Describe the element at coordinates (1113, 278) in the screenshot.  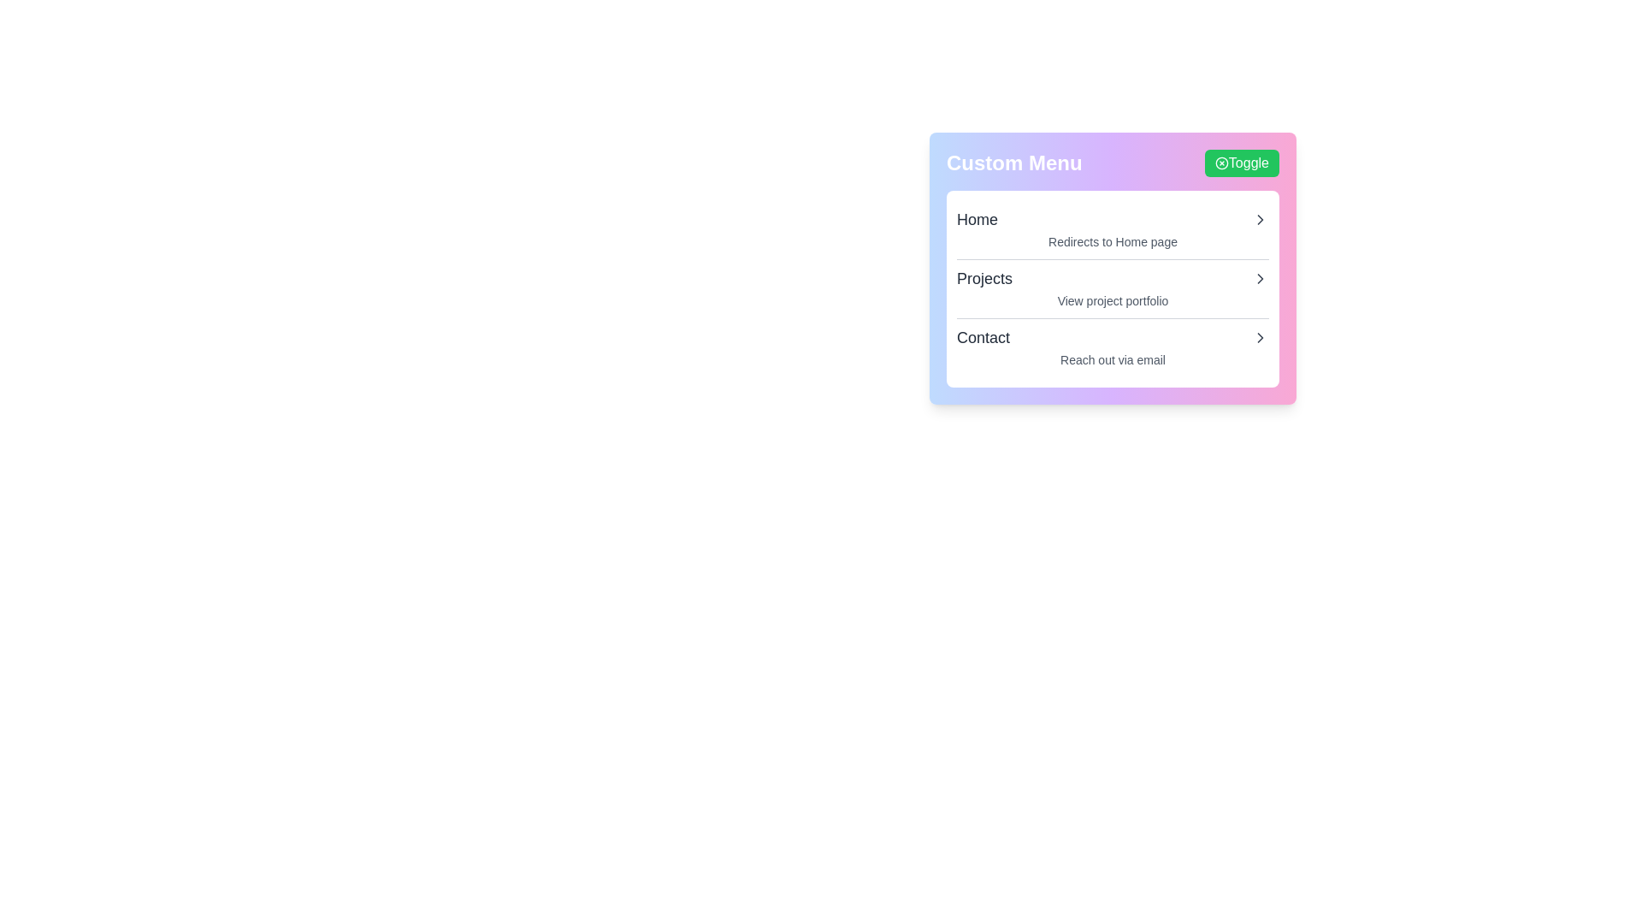
I see `the menu item Projects` at that location.